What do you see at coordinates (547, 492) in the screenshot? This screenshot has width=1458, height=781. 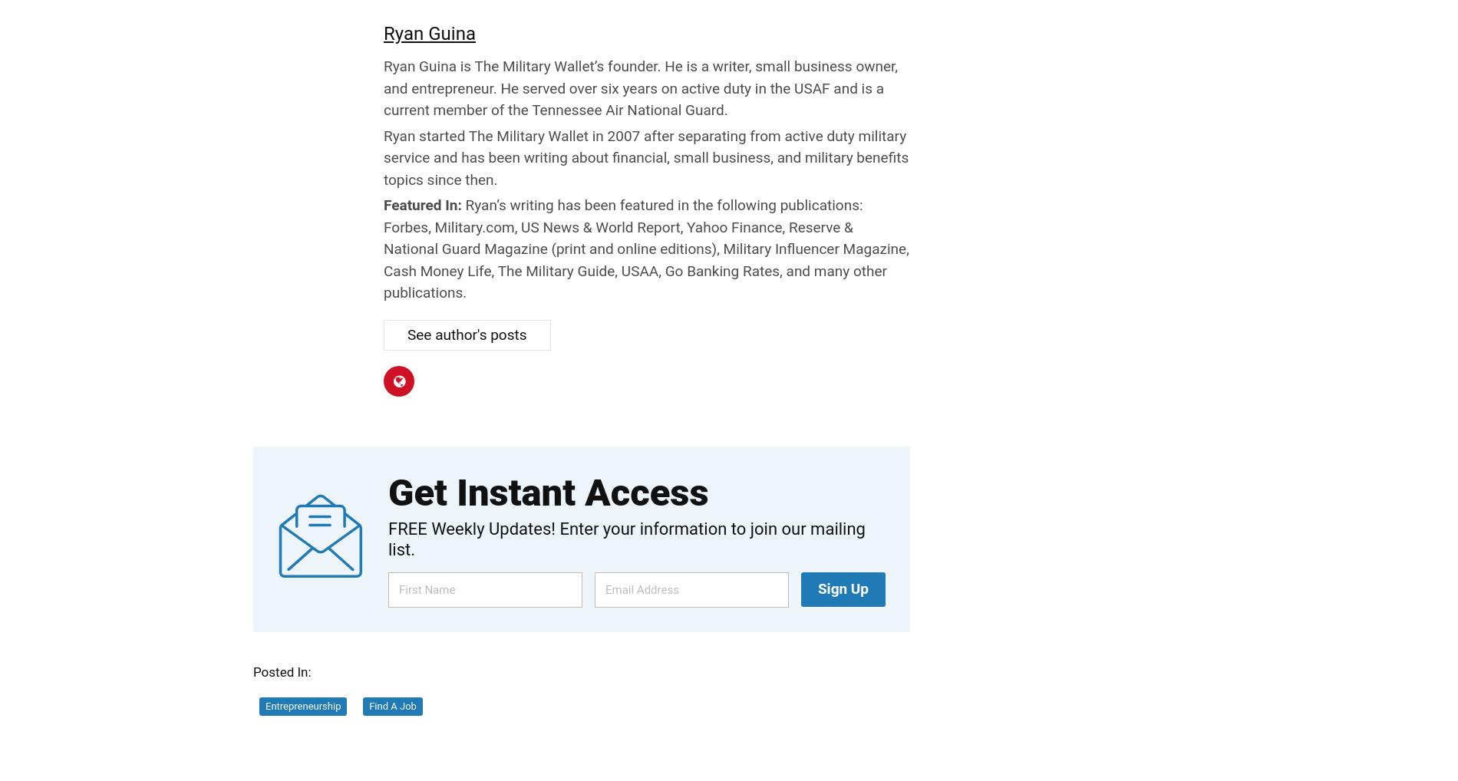 I see `'Get Instant Access'` at bounding box center [547, 492].